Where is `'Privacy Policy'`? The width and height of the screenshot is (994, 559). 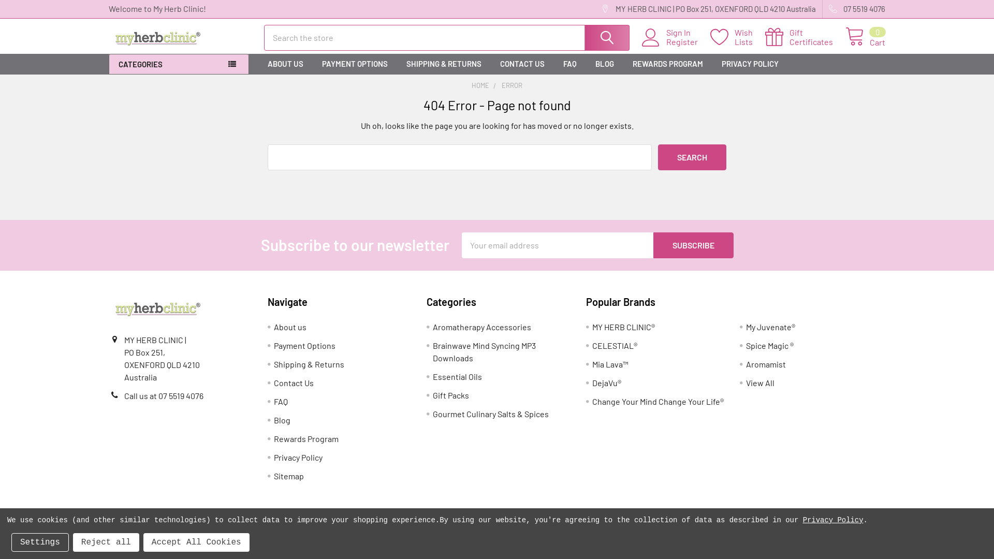
'Privacy Policy' is located at coordinates (833, 520).